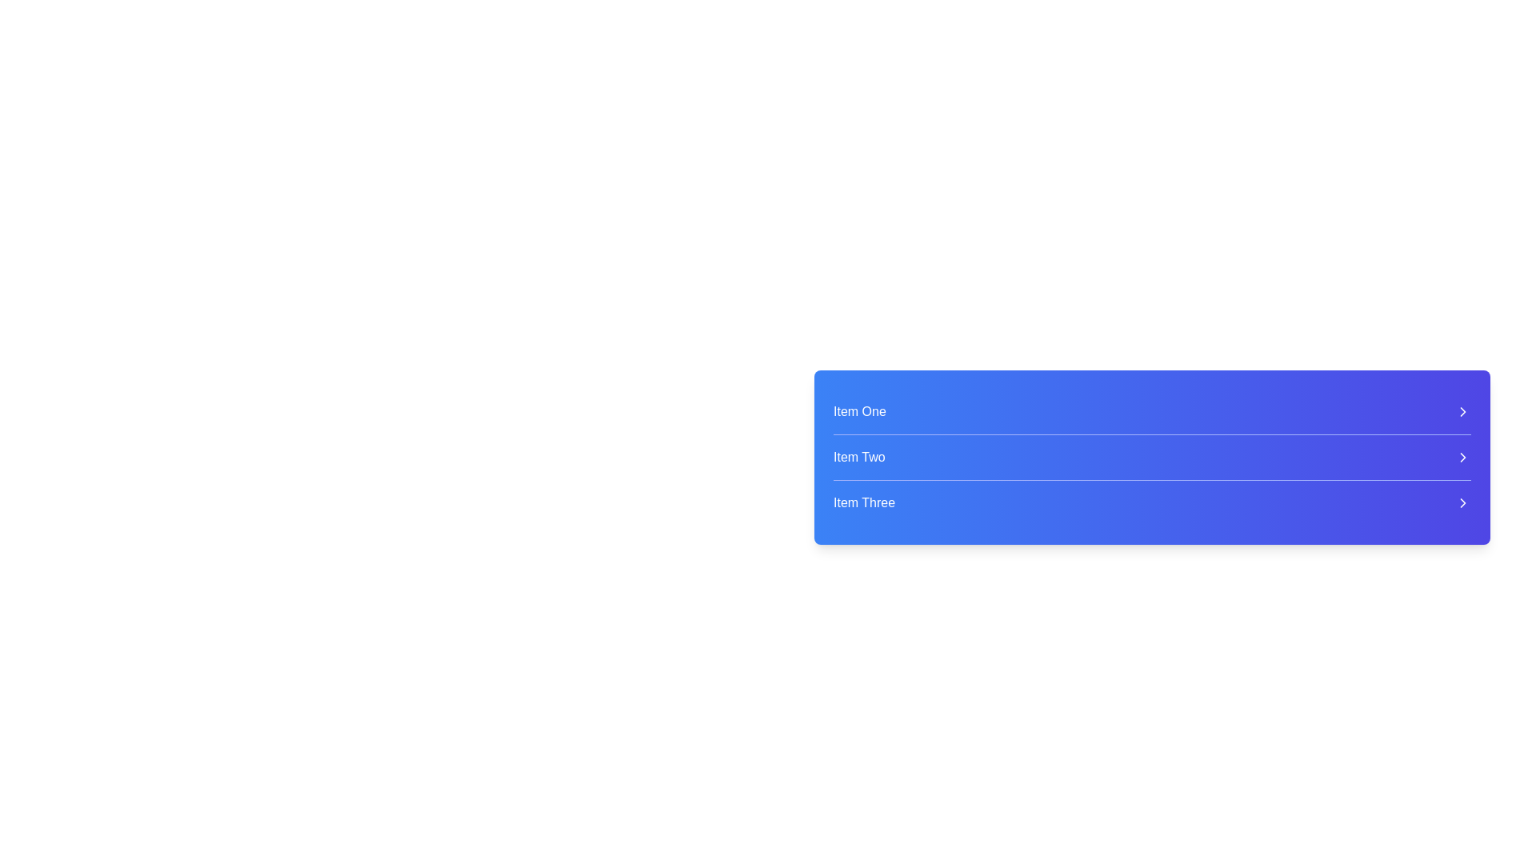 The image size is (1536, 864). I want to click on the second text label in the vertical list, which is positioned below 'Item One' and above 'Item Three', so click(858, 457).